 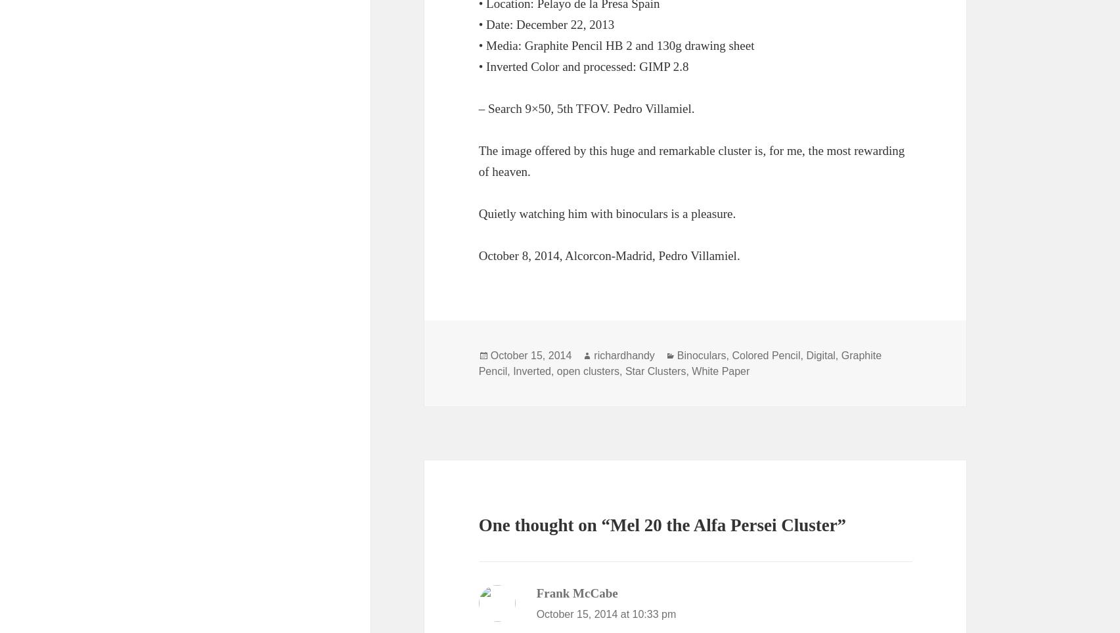 What do you see at coordinates (615, 45) in the screenshot?
I see `'• Media: Graphite Pencil HB 2 and 130g drawing sheet'` at bounding box center [615, 45].